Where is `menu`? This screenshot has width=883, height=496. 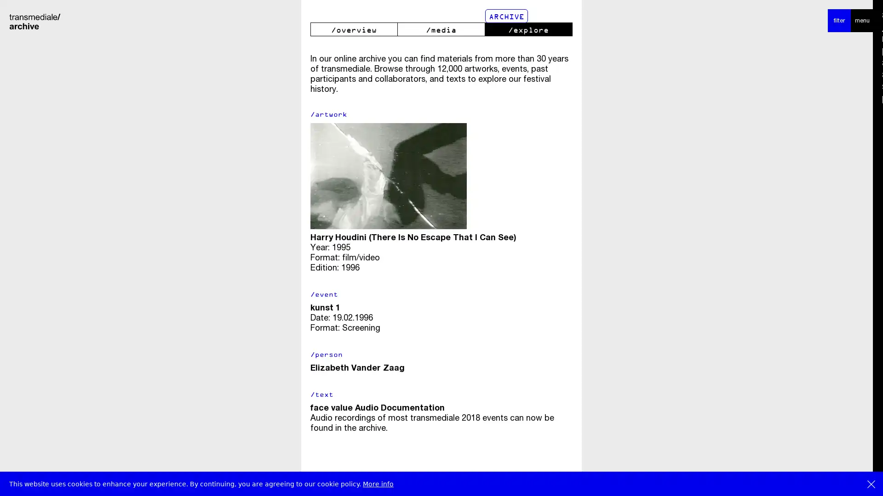 menu is located at coordinates (862, 21).